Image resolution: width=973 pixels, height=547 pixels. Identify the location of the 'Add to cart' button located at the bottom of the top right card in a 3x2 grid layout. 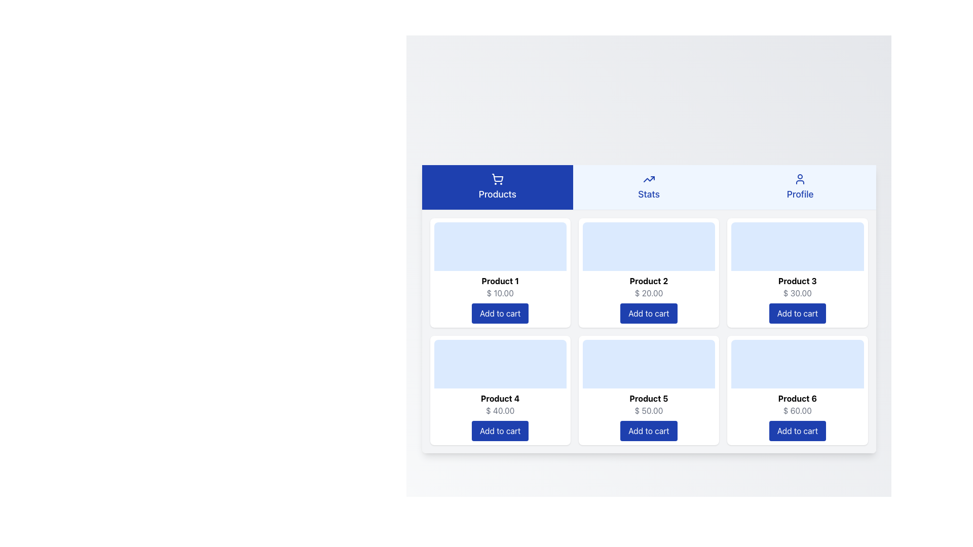
(797, 312).